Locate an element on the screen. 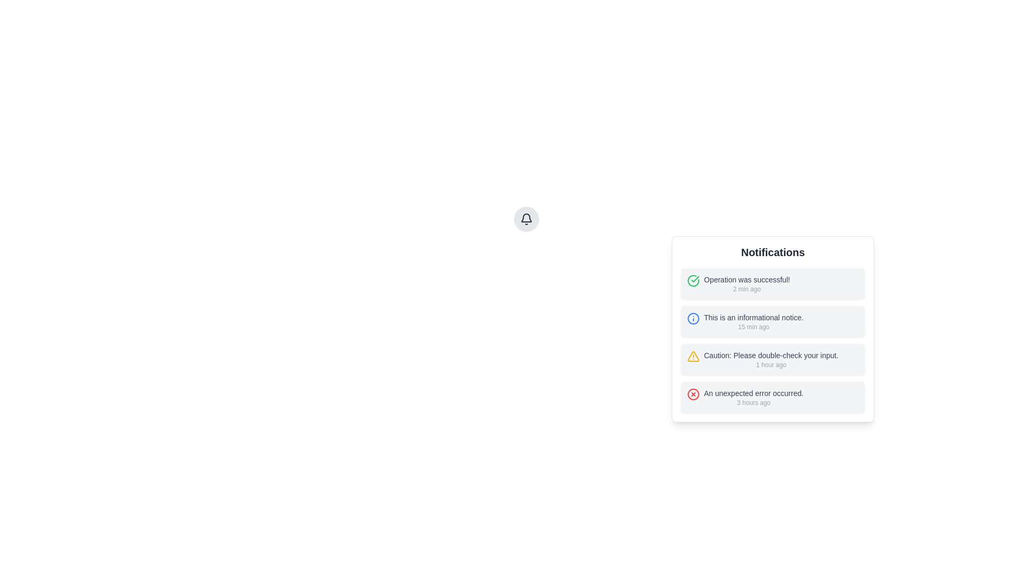 The width and height of the screenshot is (1011, 568). the static text warning message and its timestamp, which states 'Caution: Please double-check your input.' followed by '1 hour ago' is located at coordinates (771, 359).